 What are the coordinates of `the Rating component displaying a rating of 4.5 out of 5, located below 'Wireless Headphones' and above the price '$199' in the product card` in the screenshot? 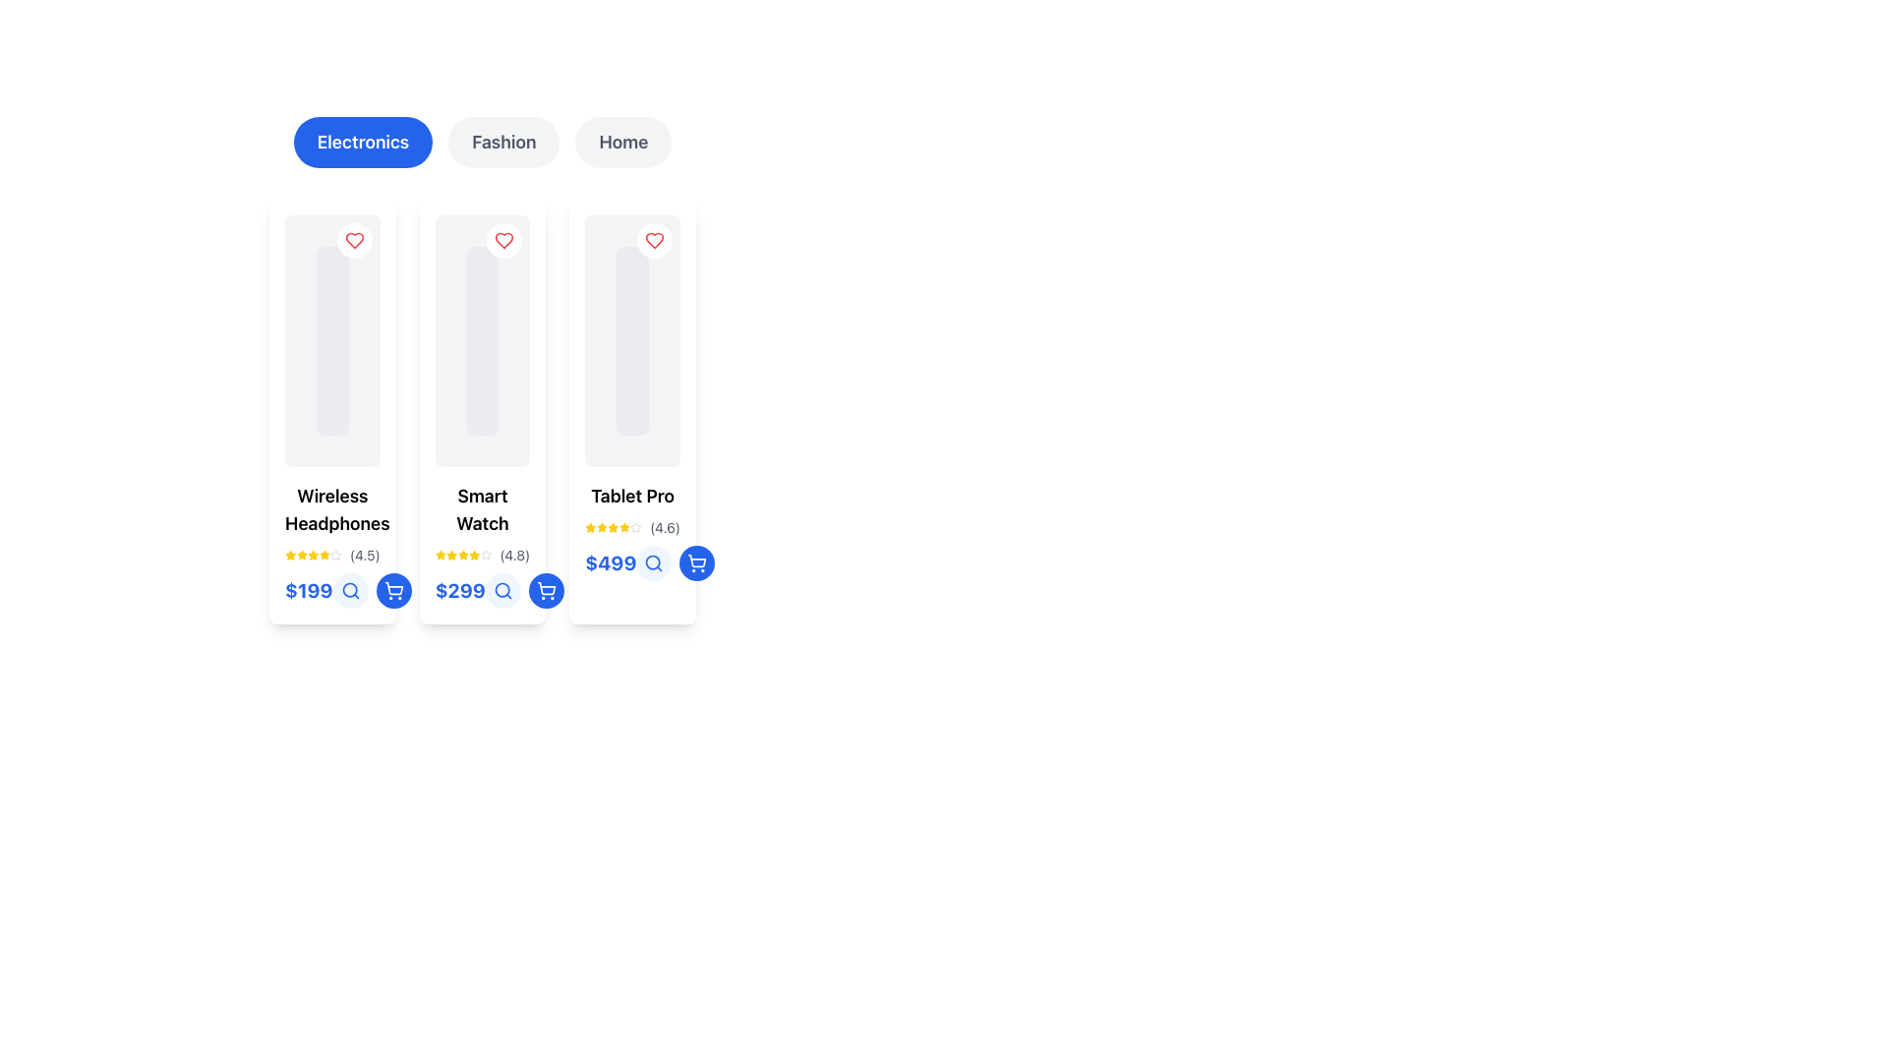 It's located at (332, 555).